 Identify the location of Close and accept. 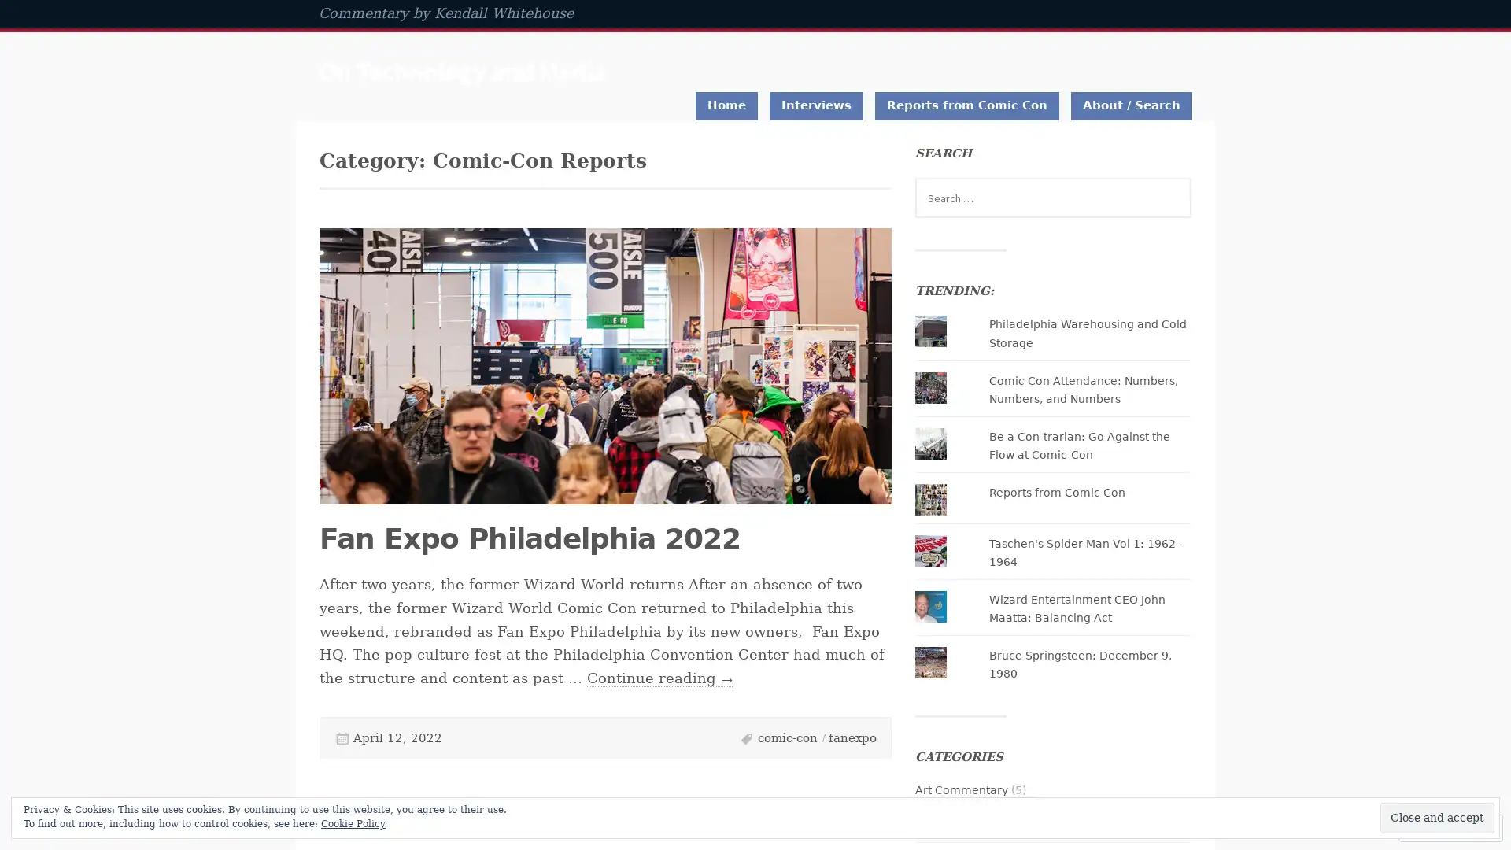
(1437, 817).